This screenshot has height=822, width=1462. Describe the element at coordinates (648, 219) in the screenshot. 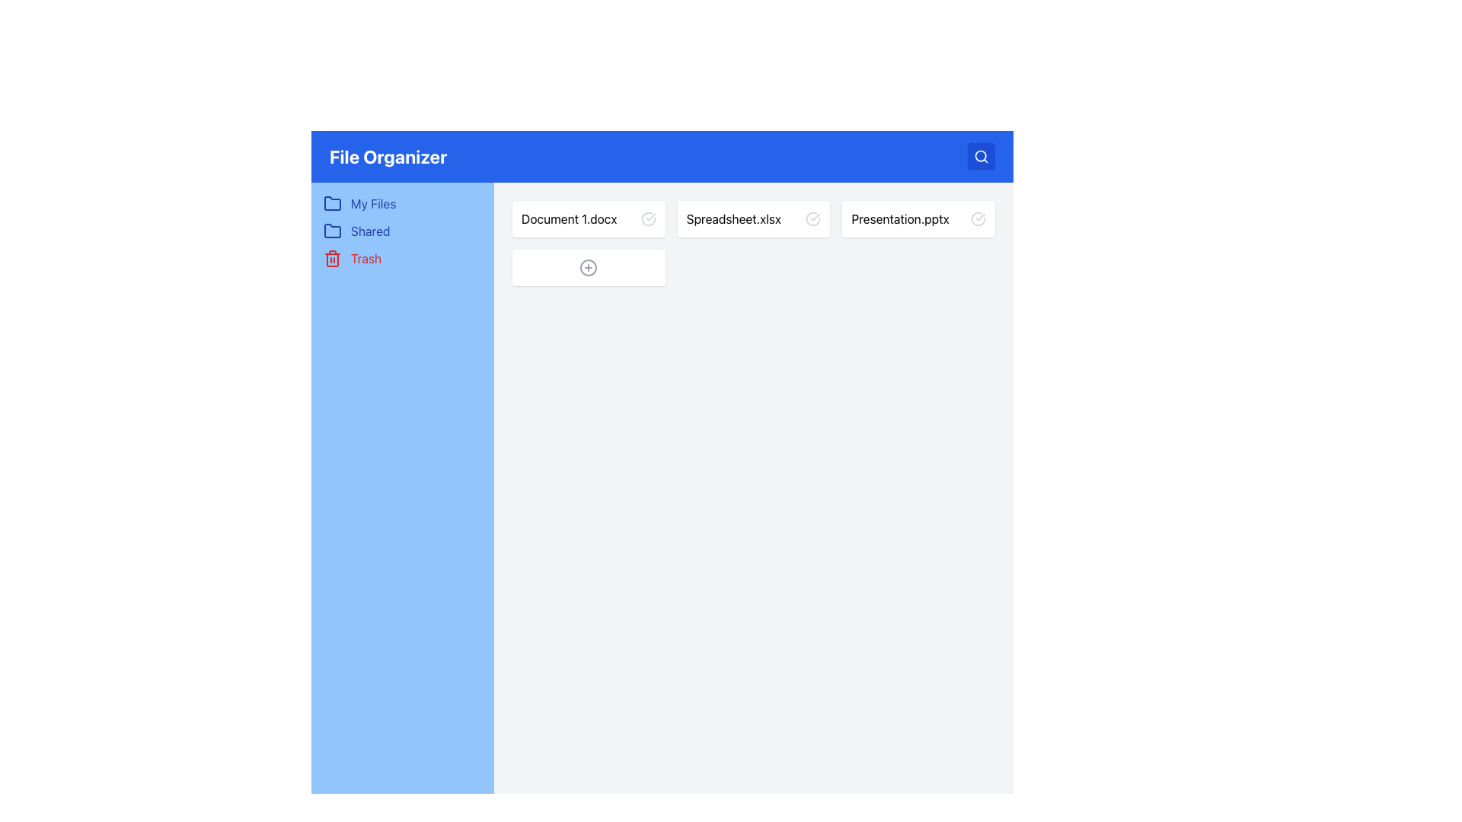

I see `the circular checkmark icon outlined in gray, located to the right of the 'Document 1.docx' label on its interactive file card` at that location.